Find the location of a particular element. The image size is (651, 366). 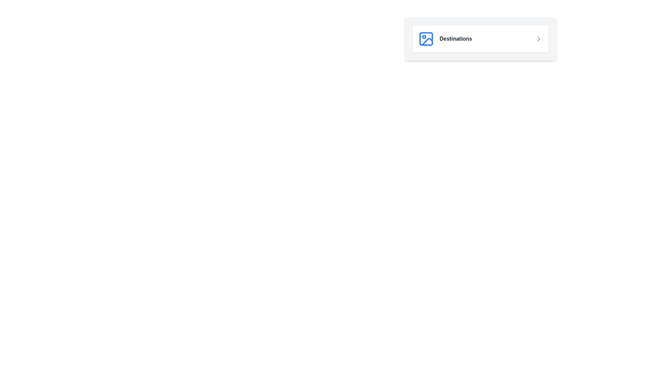

the decorative vector-based graphical square with rounded corners located at the top-left corner of the 'Destinations' card is located at coordinates (426, 39).